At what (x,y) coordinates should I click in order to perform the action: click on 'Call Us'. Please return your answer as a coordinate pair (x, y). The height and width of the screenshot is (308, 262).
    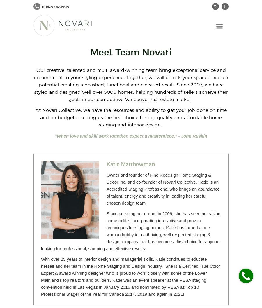
    Looking at the image, I should click on (246, 272).